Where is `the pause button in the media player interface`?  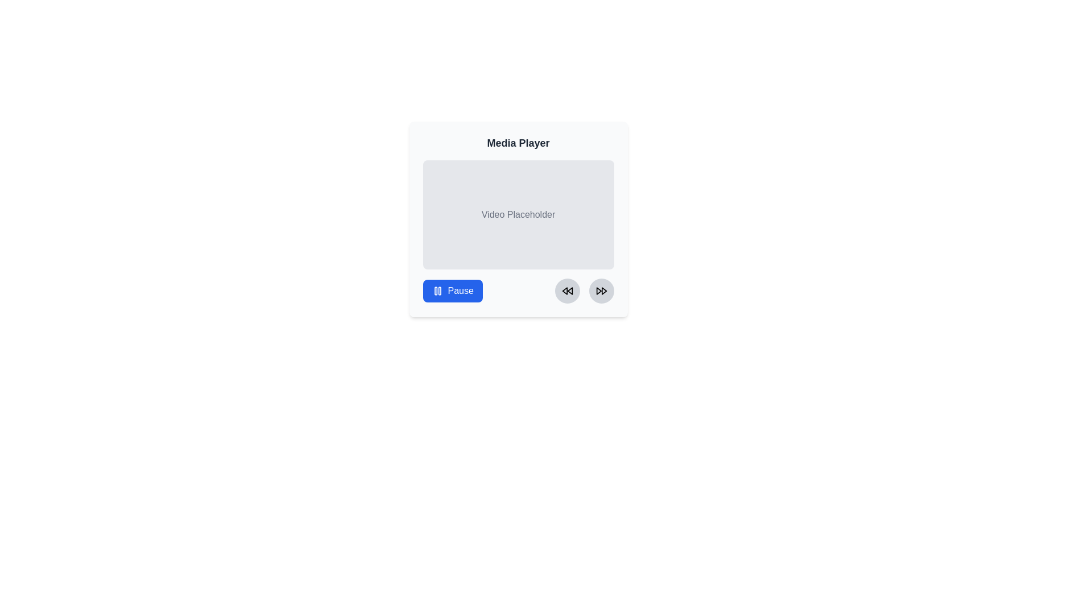
the pause button in the media player interface is located at coordinates (452, 291).